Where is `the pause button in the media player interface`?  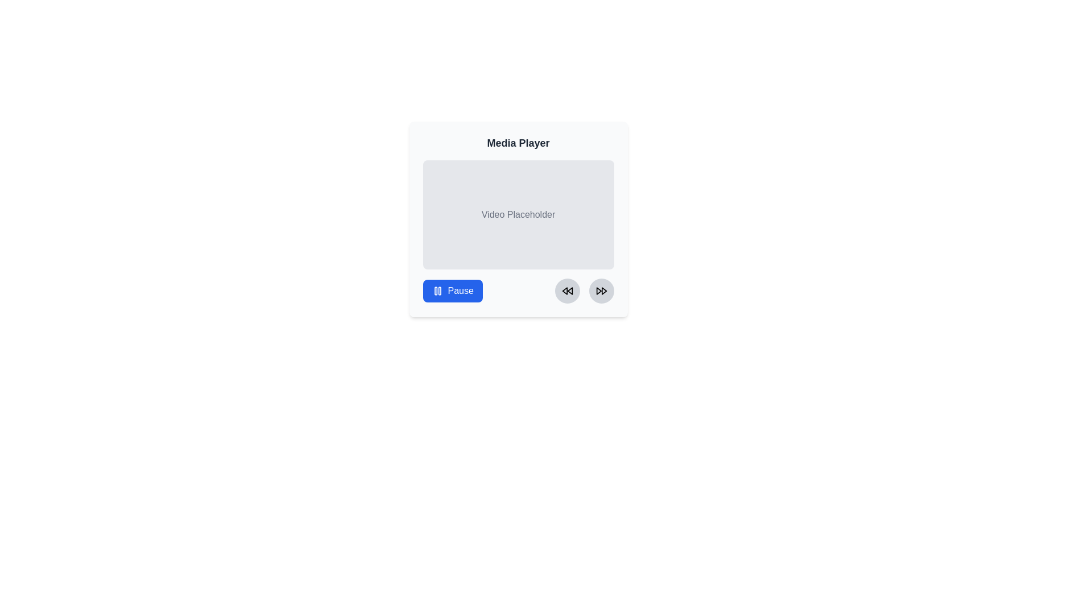
the pause button in the media player interface is located at coordinates (452, 291).